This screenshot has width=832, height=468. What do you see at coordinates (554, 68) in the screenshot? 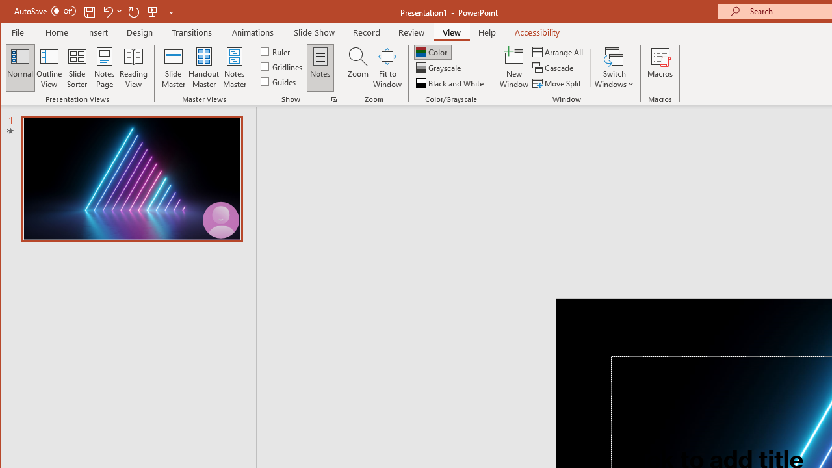
I see `'Cascade'` at bounding box center [554, 68].